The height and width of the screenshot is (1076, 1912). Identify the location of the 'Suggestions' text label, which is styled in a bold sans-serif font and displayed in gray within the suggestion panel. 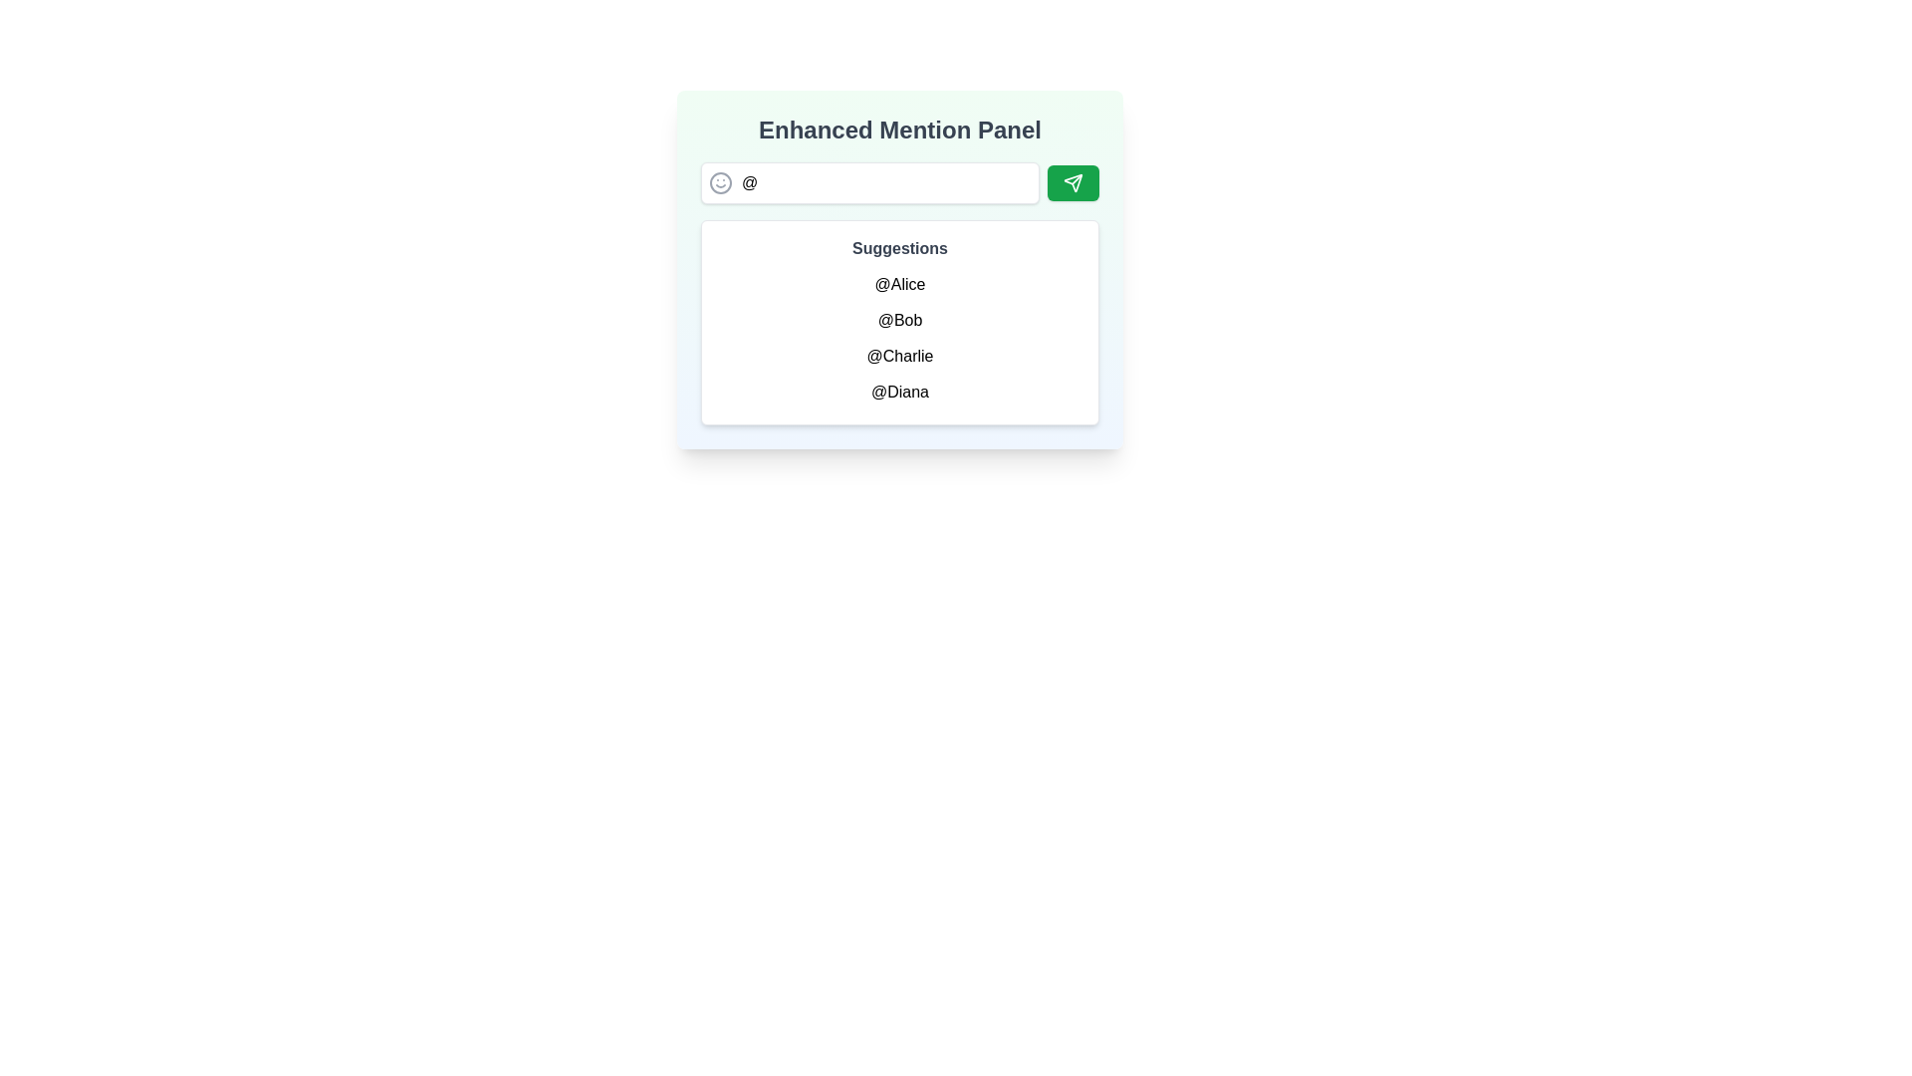
(898, 248).